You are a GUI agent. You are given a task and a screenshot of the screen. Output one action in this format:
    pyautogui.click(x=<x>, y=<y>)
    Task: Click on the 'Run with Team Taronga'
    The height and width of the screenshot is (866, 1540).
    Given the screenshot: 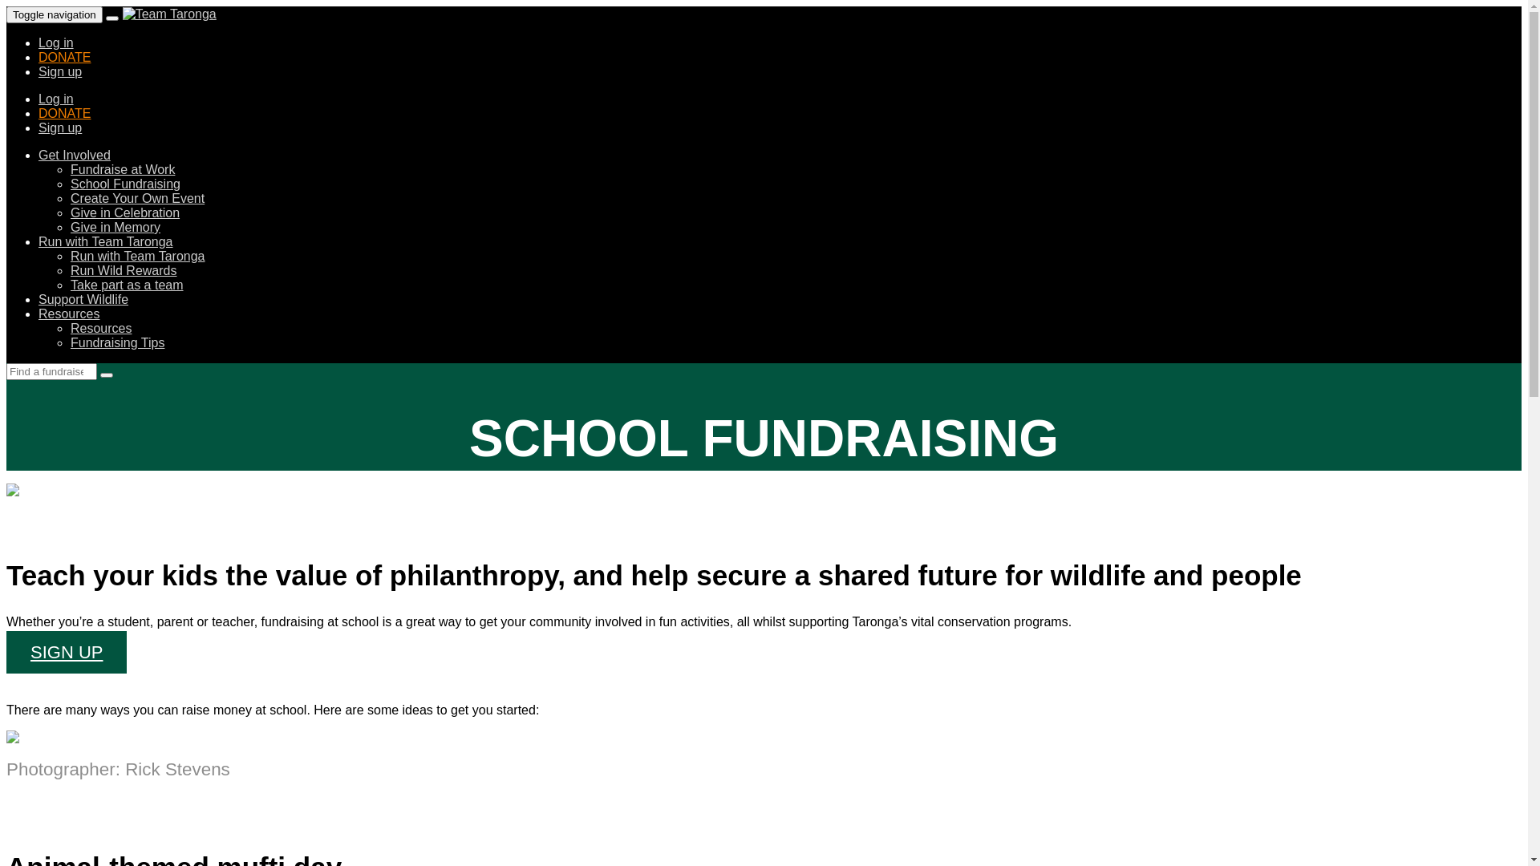 What is the action you would take?
    pyautogui.click(x=105, y=241)
    